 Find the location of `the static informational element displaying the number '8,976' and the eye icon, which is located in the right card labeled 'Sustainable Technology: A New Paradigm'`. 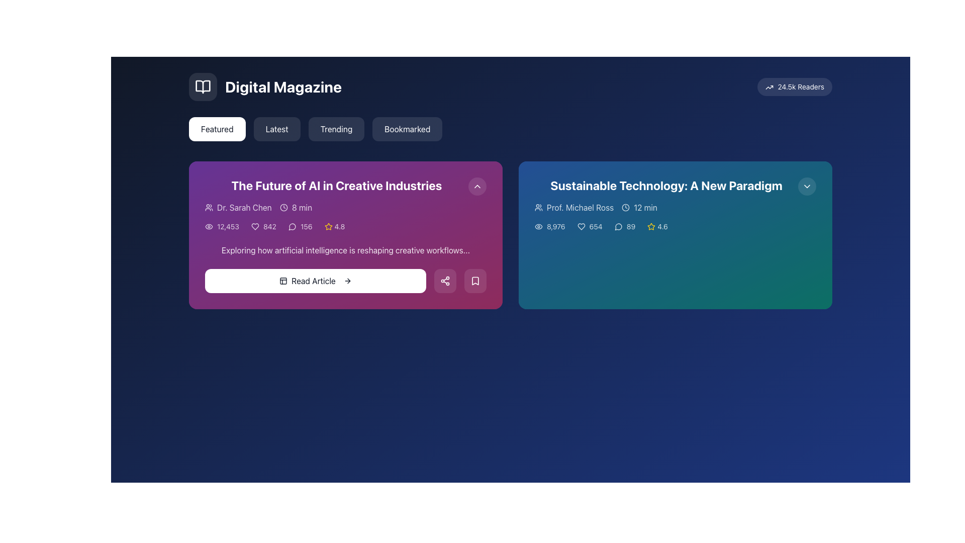

the static informational element displaying the number '8,976' and the eye icon, which is located in the right card labeled 'Sustainable Technology: A New Paradigm' is located at coordinates (549, 227).